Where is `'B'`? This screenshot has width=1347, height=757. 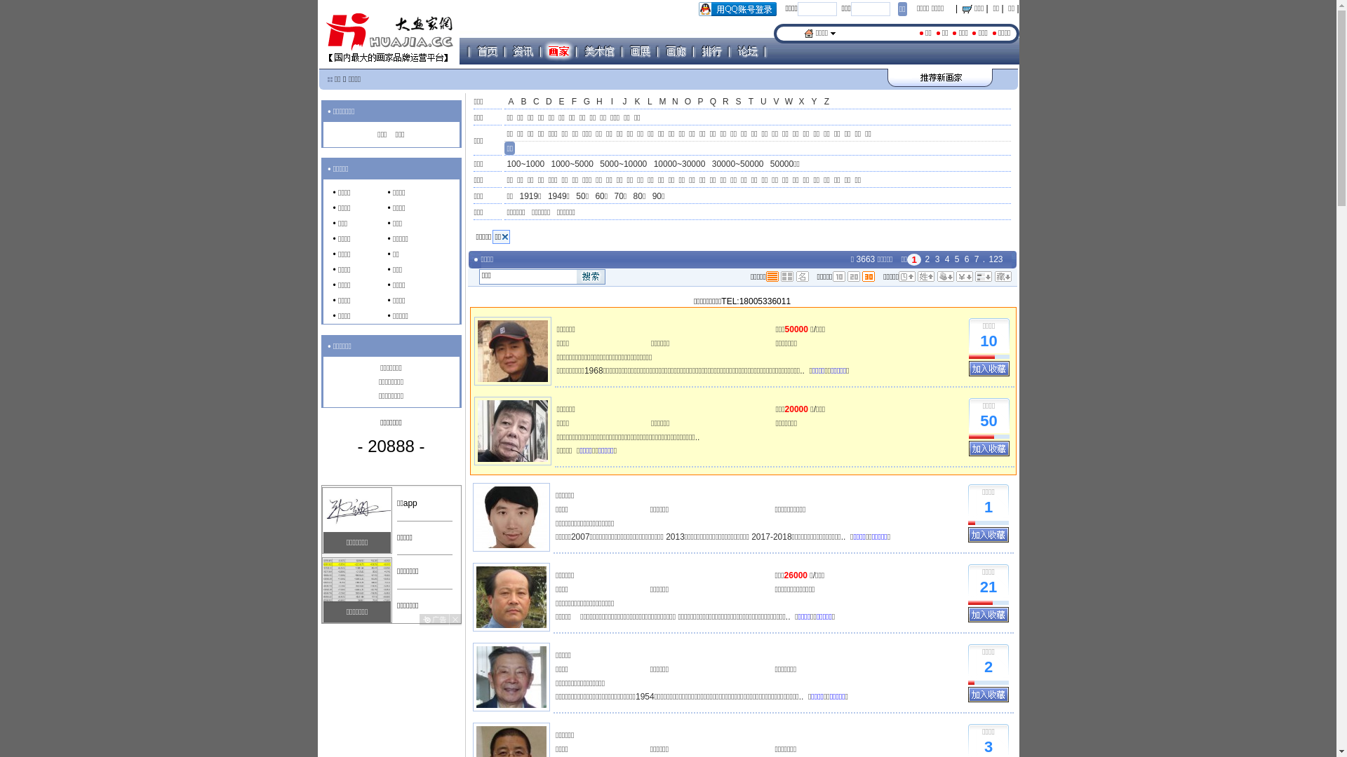
'B' is located at coordinates (522, 102).